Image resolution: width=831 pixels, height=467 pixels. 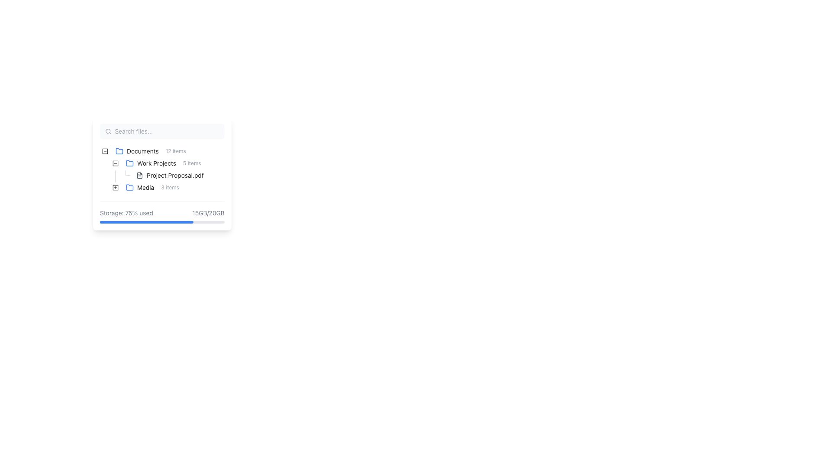 I want to click on on the file named 'Project Proposal.pdf' which is represented by a text with an icon in the file tree structure under 'Work Projects', so click(x=173, y=175).